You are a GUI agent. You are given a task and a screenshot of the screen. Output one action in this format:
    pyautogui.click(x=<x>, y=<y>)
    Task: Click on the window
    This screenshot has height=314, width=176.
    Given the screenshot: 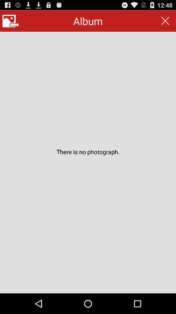 What is the action you would take?
    pyautogui.click(x=165, y=21)
    